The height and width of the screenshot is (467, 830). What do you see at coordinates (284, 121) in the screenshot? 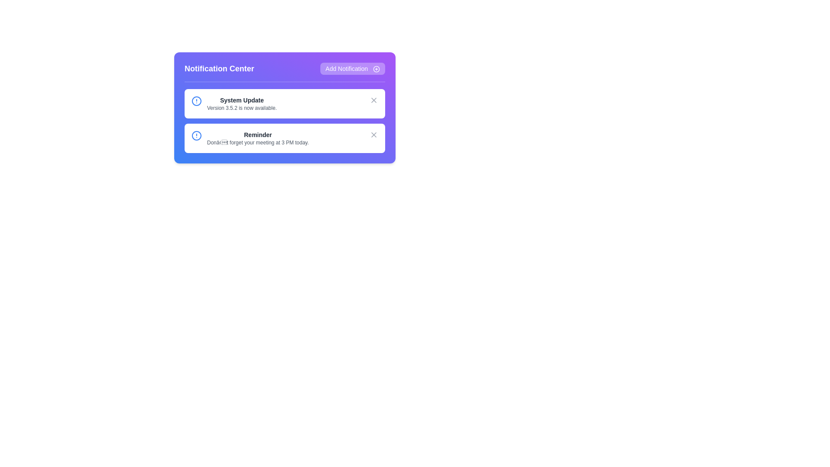
I see `the Notification List element that displays organized notifications for the user, located in the center of the Notification Center layout` at bounding box center [284, 121].